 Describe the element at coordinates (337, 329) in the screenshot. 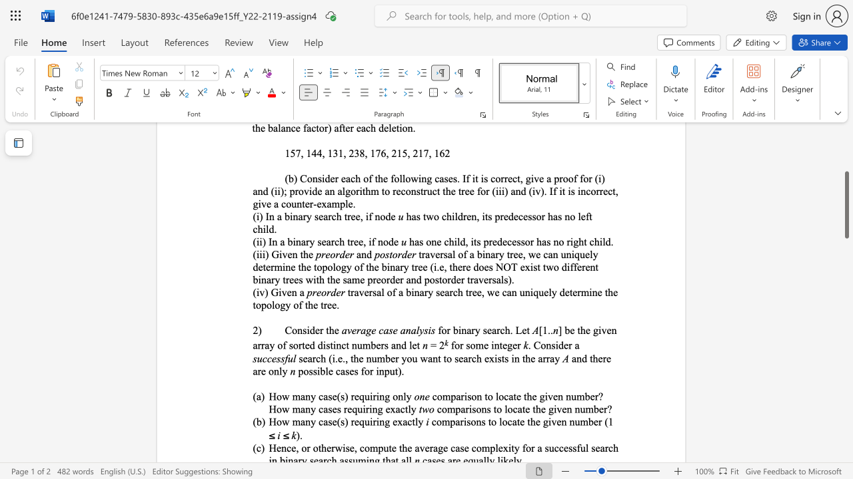

I see `the 2th character "e" in the text` at that location.